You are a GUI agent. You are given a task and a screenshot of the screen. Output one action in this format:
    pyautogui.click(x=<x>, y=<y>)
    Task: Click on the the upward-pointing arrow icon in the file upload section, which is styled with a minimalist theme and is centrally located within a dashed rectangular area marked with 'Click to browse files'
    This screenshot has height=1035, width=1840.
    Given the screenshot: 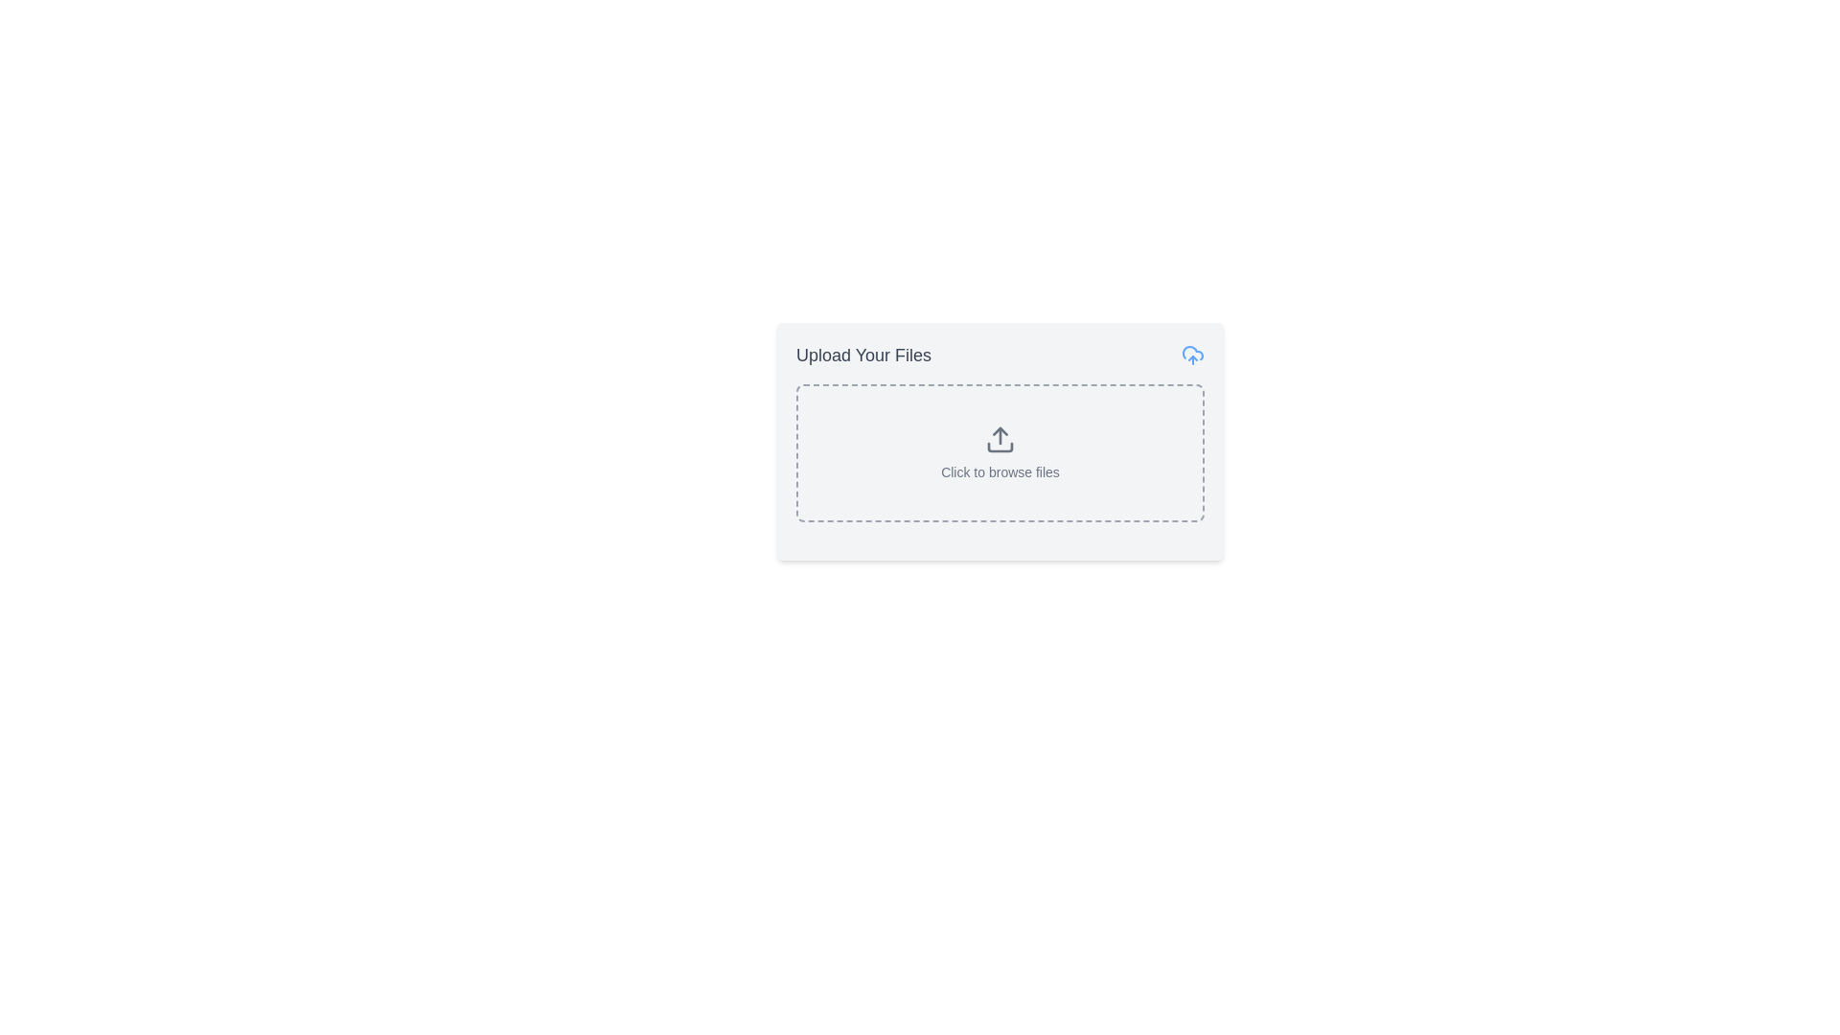 What is the action you would take?
    pyautogui.click(x=999, y=440)
    